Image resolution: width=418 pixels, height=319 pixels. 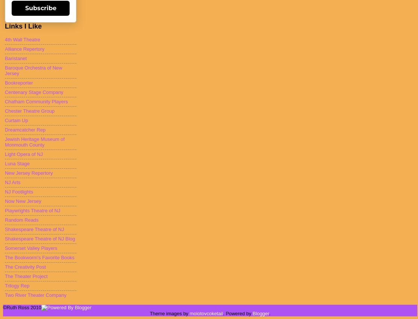 I want to click on '. Powered by', so click(x=237, y=313).